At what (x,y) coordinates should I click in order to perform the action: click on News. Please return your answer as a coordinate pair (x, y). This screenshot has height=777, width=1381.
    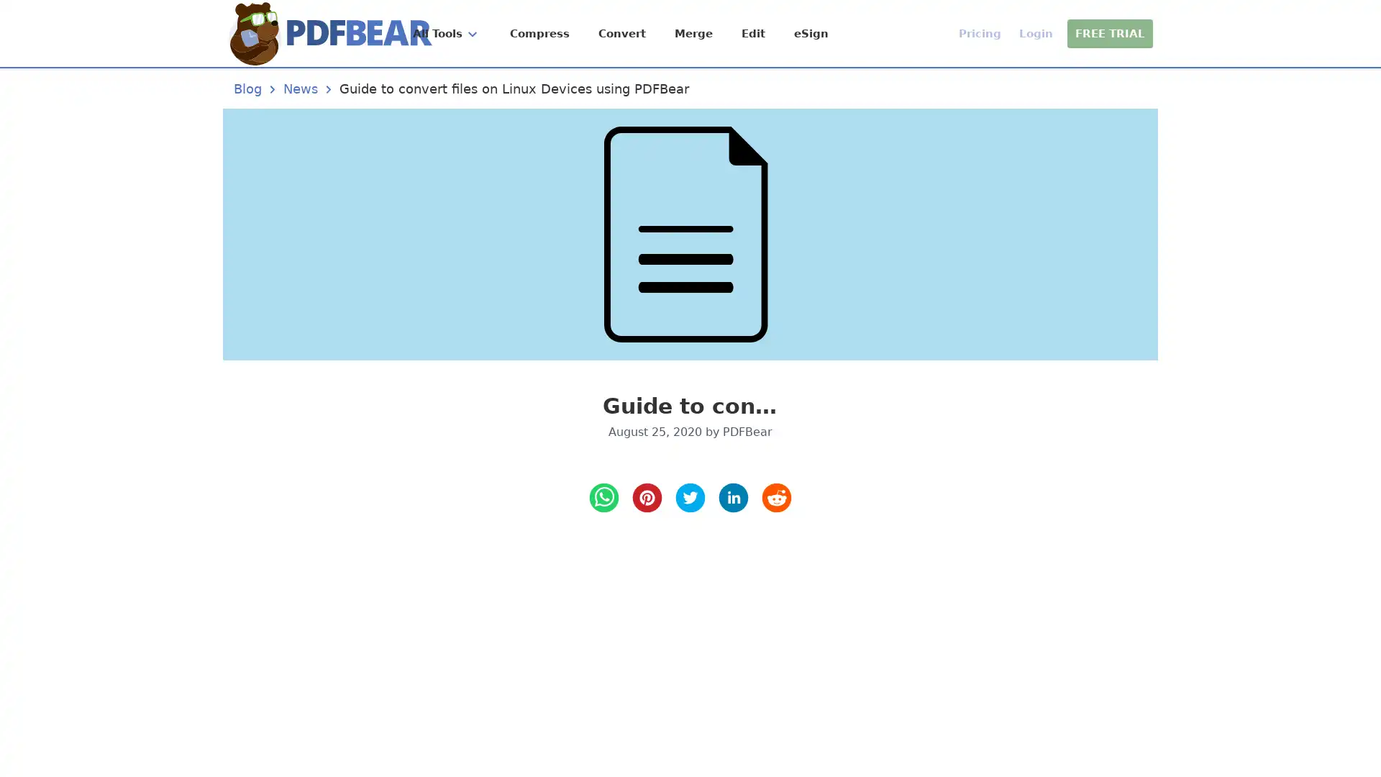
    Looking at the image, I should click on (299, 88).